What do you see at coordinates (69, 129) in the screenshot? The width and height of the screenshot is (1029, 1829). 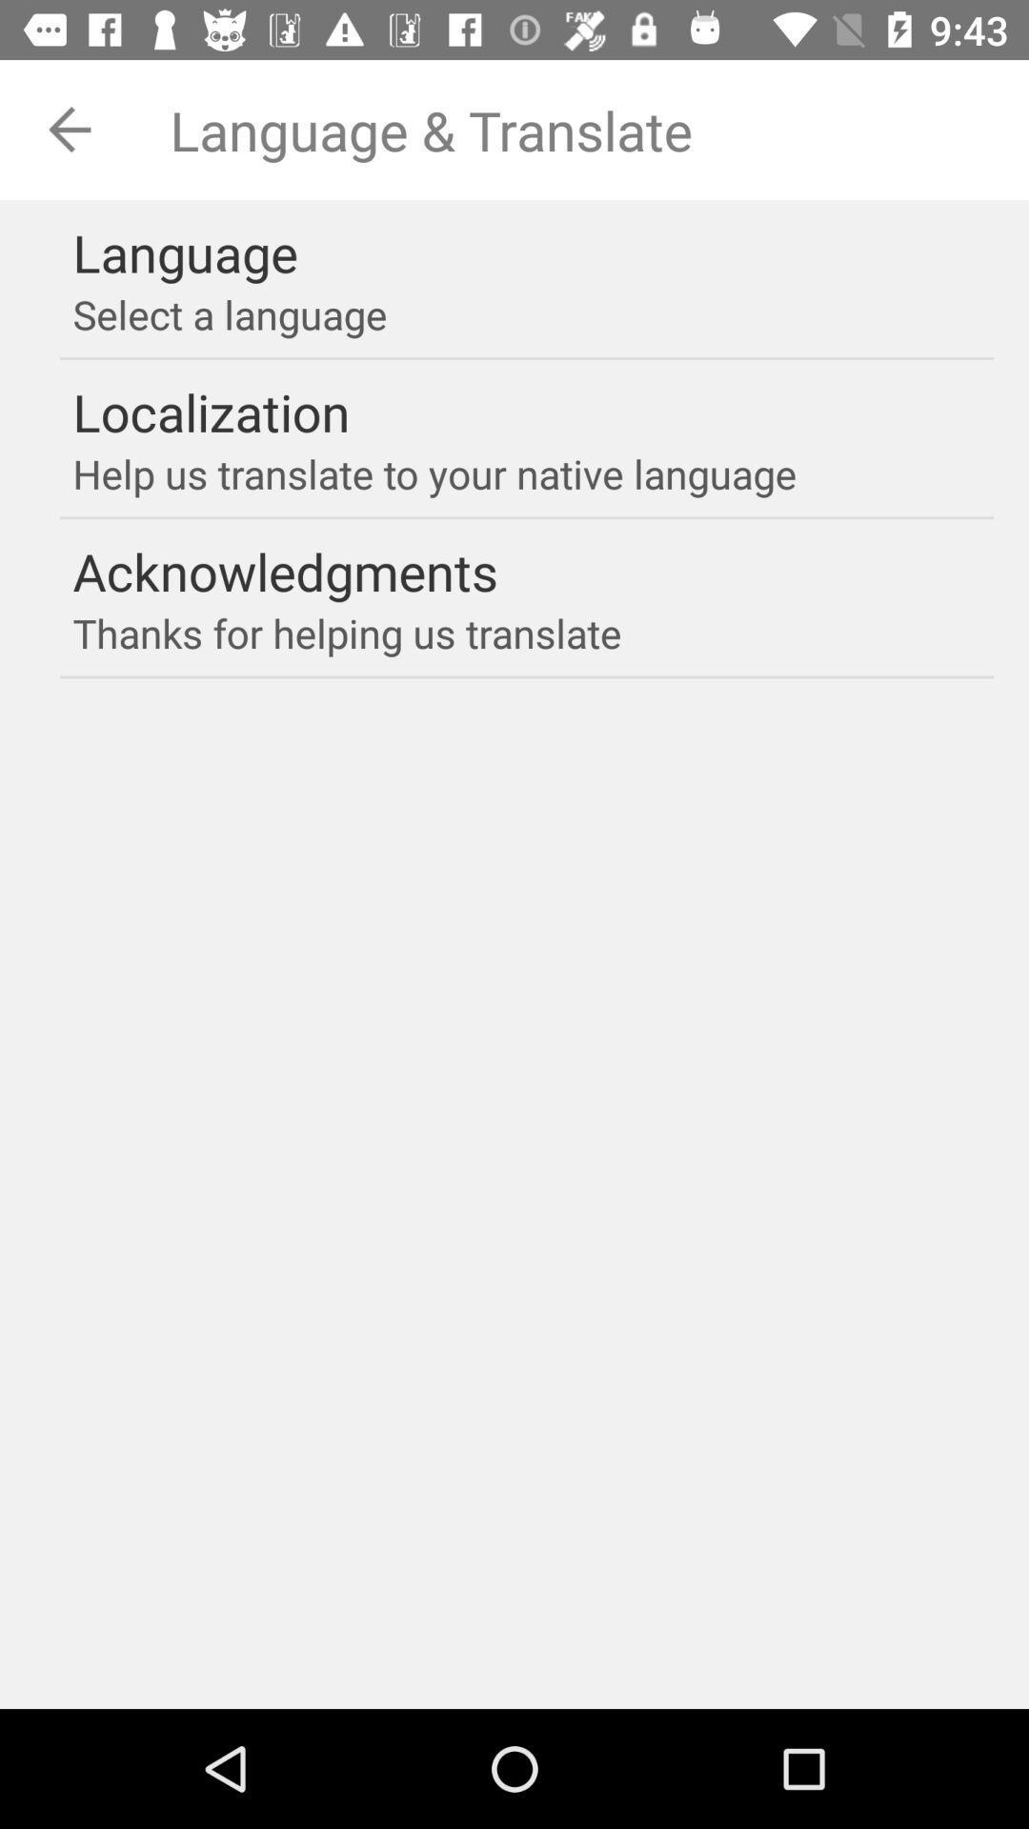 I see `the arrow_backward icon` at bounding box center [69, 129].